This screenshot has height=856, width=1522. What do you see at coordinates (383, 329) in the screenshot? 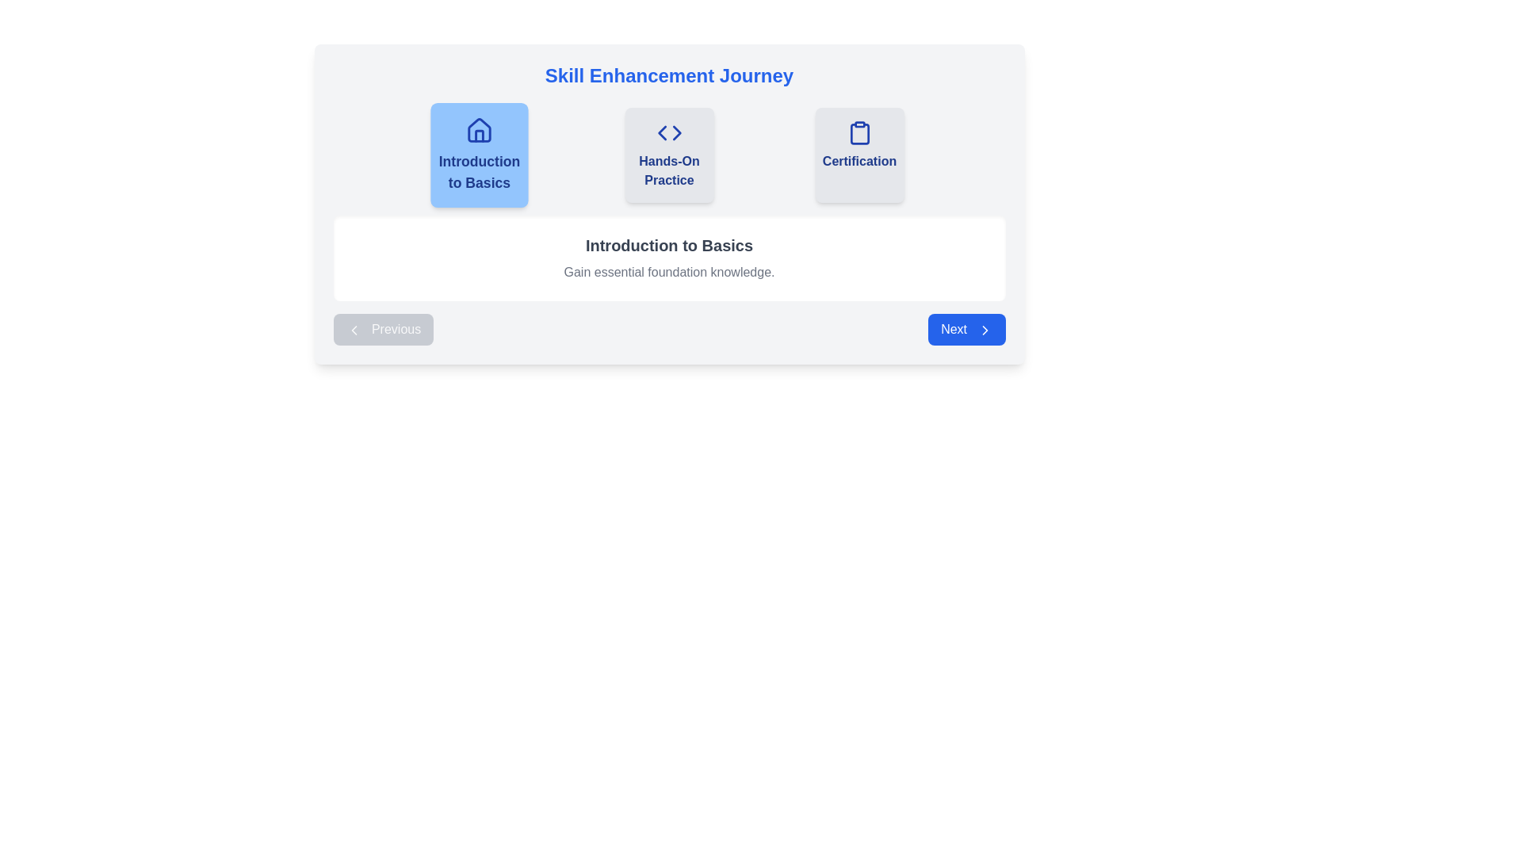
I see `the navigation button located at the bottom left of the section` at bounding box center [383, 329].